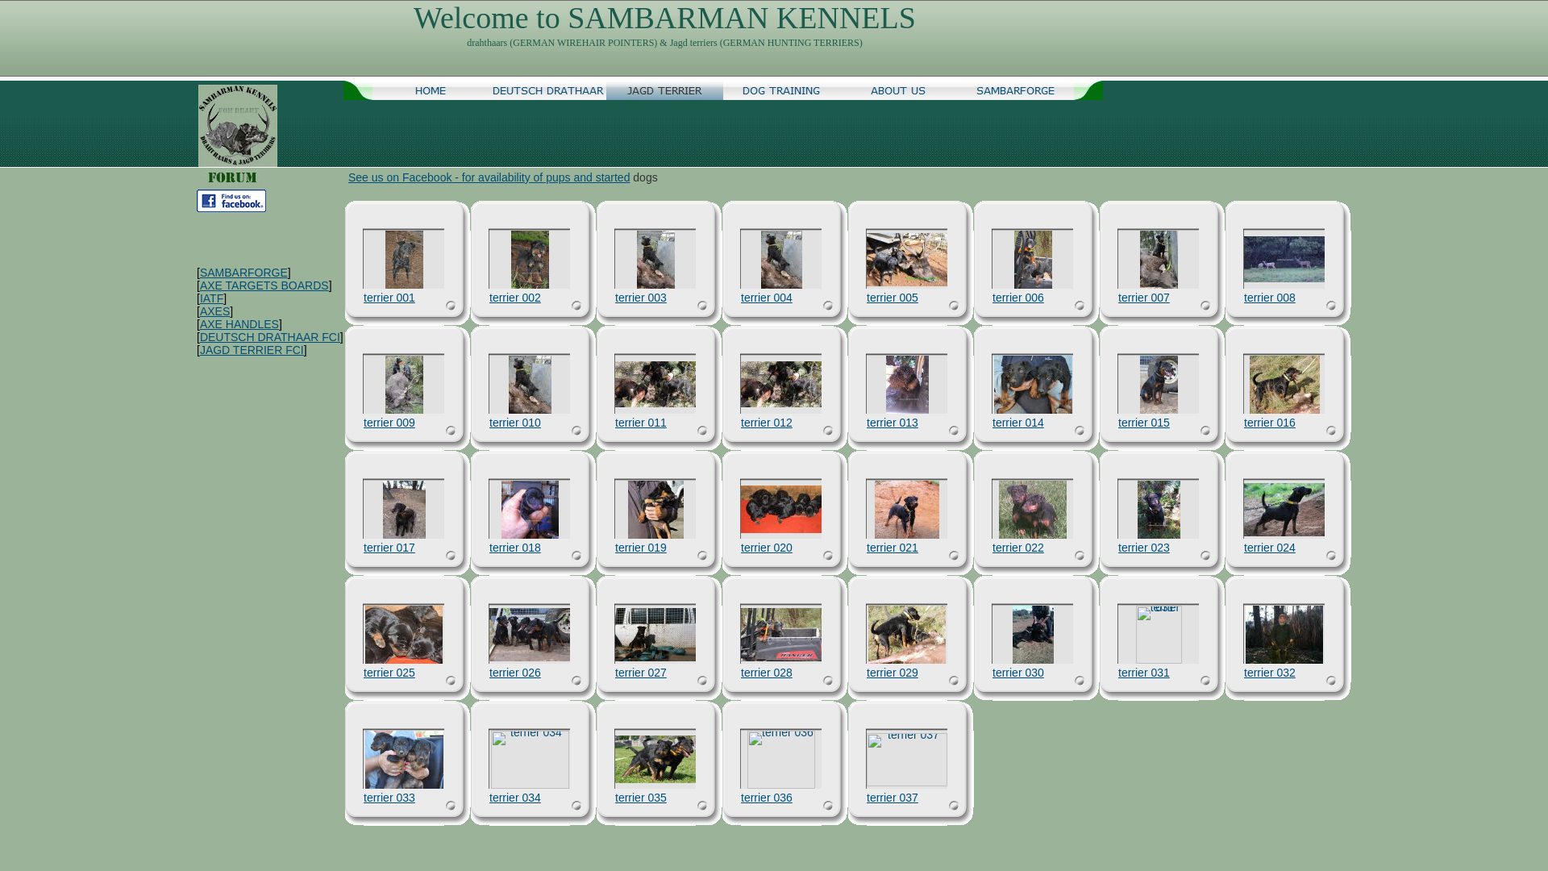 Image resolution: width=1548 pixels, height=871 pixels. Describe the element at coordinates (210, 298) in the screenshot. I see `'IATF'` at that location.